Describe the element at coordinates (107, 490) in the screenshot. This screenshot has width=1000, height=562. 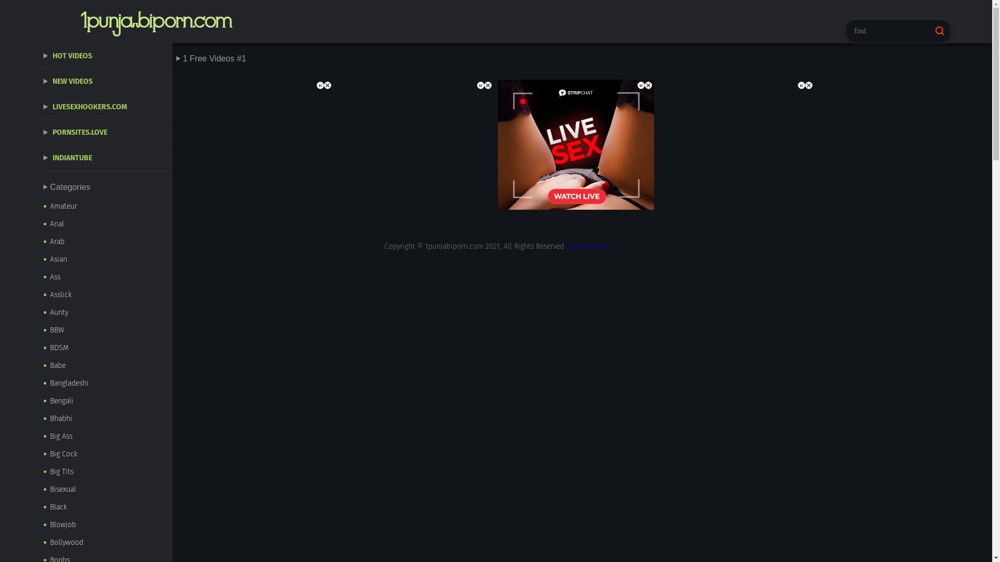
I see `'Bisexual'` at that location.